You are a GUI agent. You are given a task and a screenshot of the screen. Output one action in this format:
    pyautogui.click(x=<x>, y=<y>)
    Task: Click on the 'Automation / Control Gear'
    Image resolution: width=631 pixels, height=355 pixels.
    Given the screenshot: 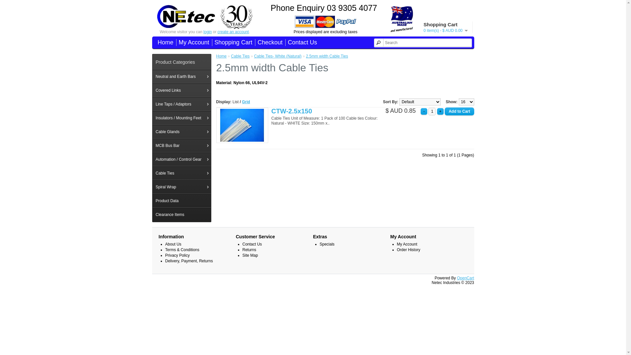 What is the action you would take?
    pyautogui.click(x=181, y=159)
    